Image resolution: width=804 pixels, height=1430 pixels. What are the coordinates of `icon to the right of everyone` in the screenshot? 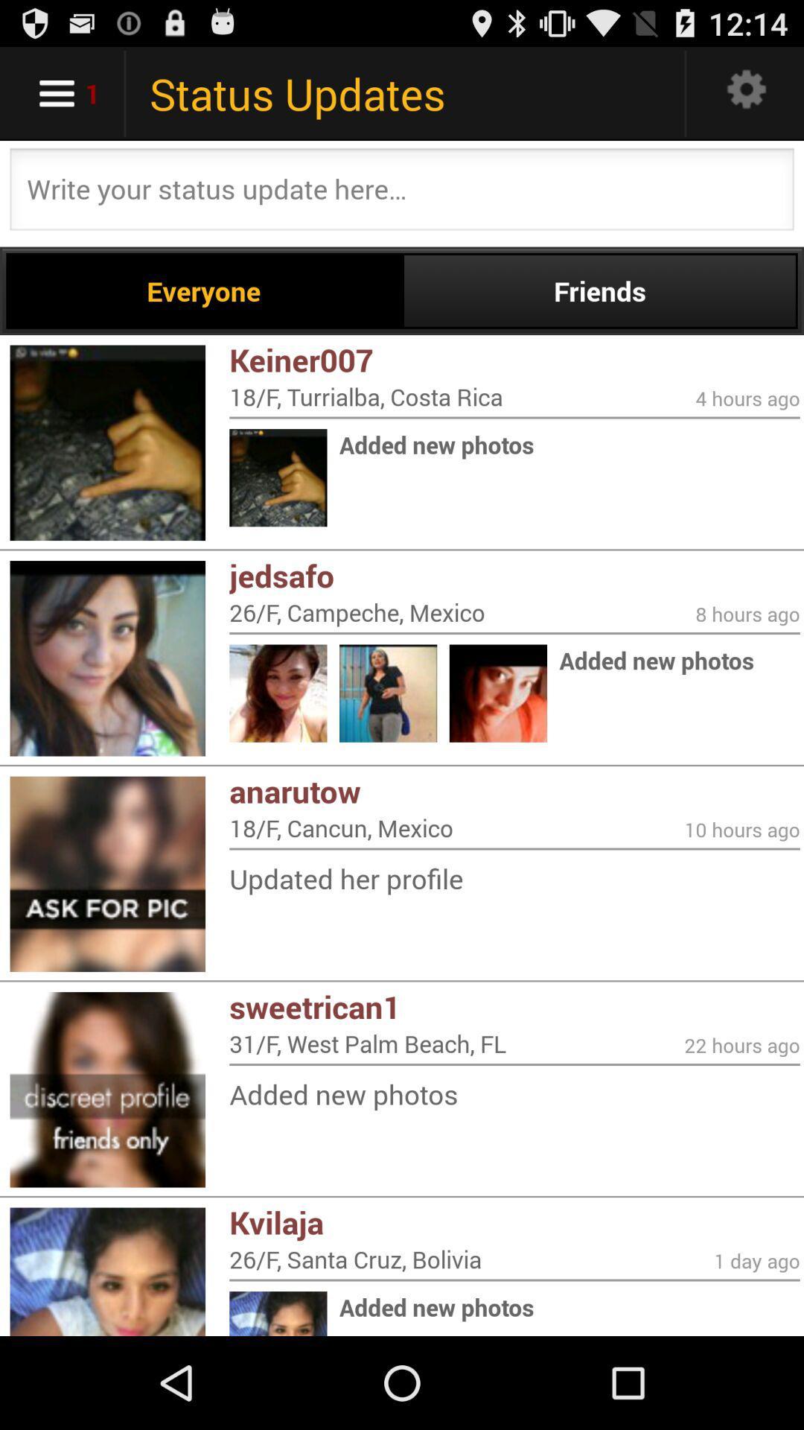 It's located at (599, 290).